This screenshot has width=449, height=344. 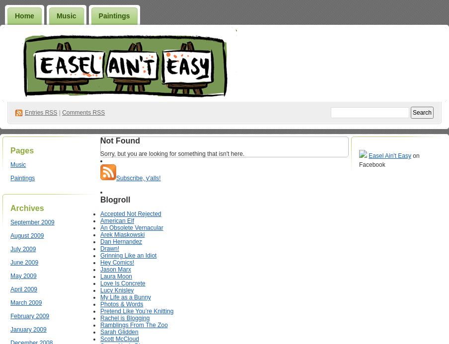 I want to click on 'January 2009', so click(x=28, y=329).